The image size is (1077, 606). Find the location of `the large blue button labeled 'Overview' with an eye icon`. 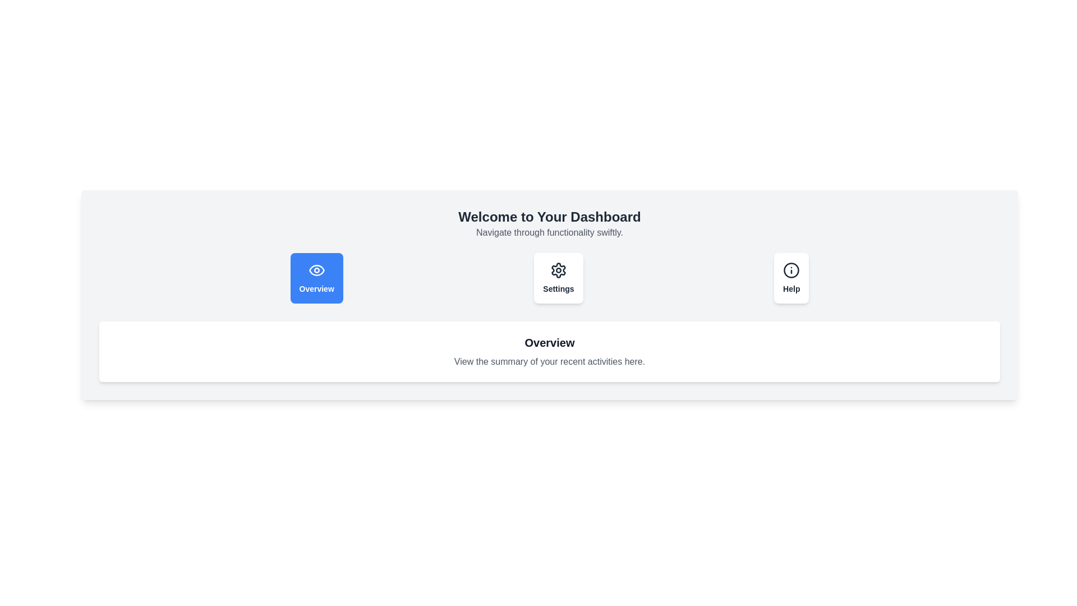

the large blue button labeled 'Overview' with an eye icon is located at coordinates (316, 278).